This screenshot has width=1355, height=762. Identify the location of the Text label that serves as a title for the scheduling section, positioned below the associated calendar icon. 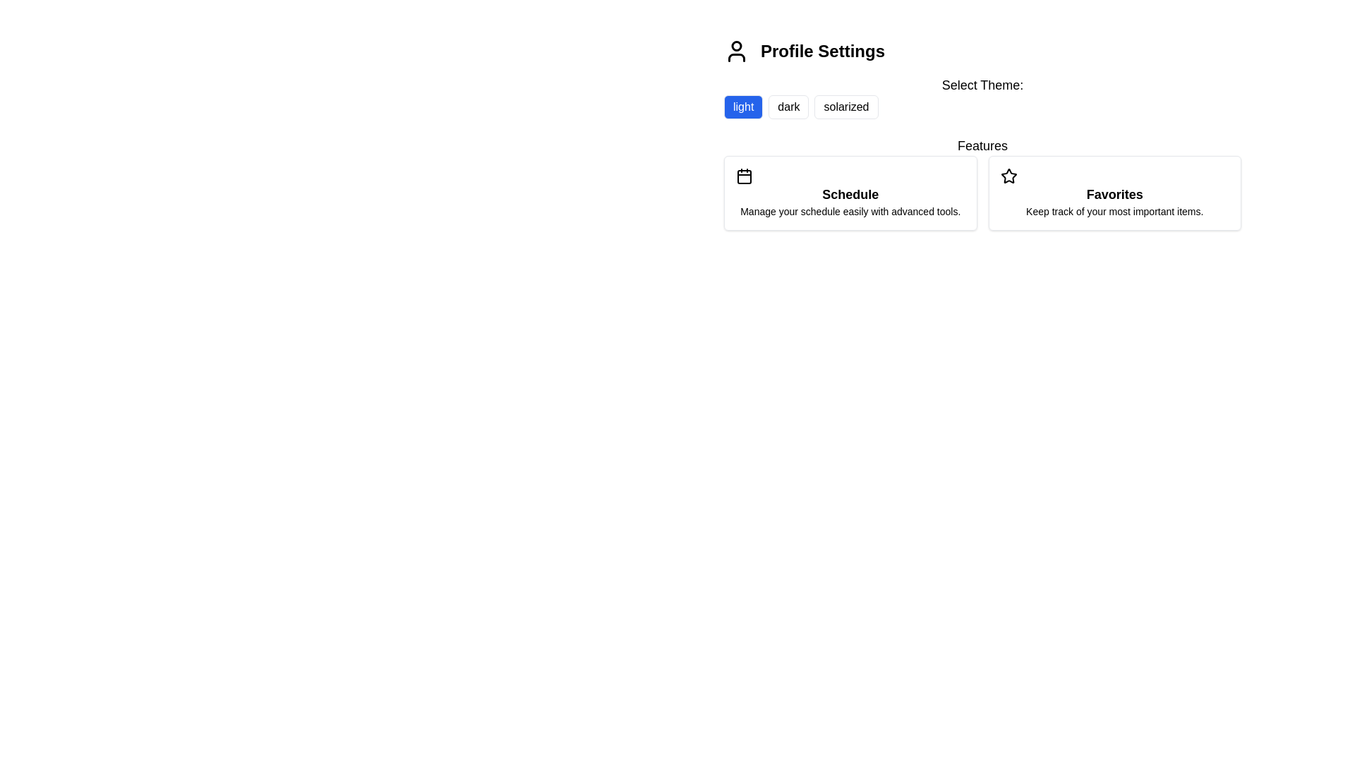
(850, 195).